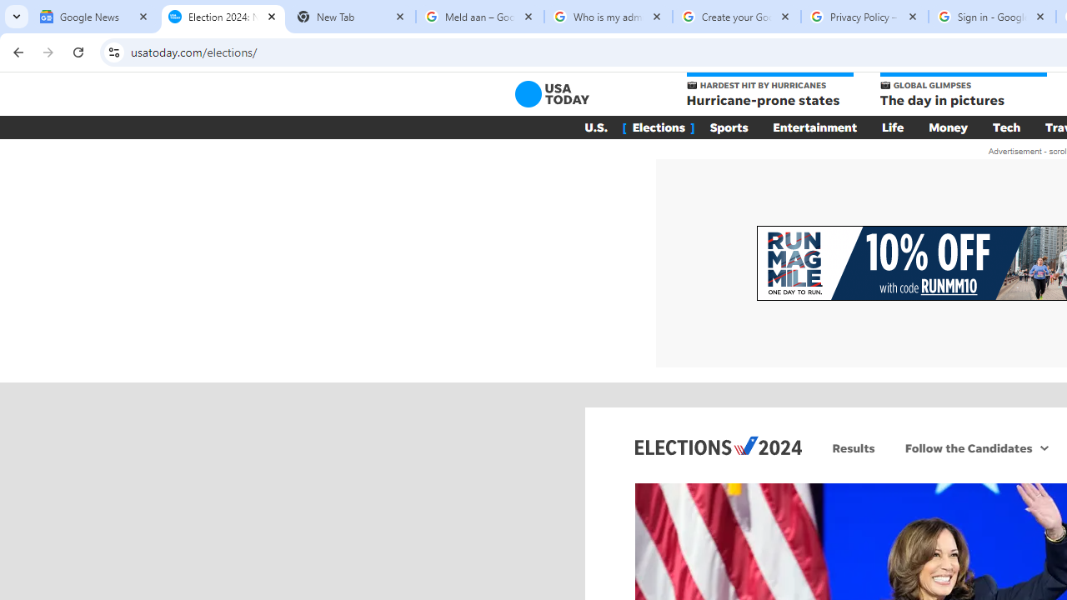 This screenshot has width=1067, height=600. I want to click on 'USA TODAY', so click(551, 94).